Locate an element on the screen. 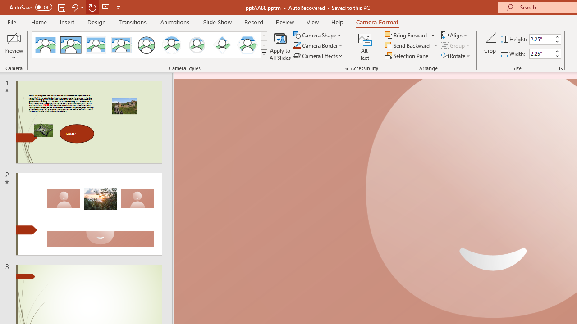  'AutomationID: CameoStylesGallery' is located at coordinates (150, 45).